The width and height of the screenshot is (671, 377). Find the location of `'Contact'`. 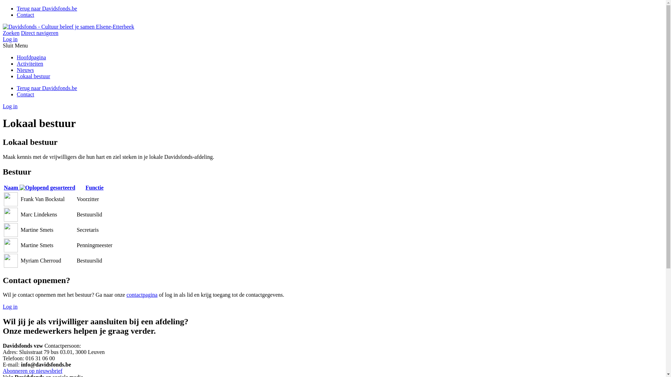

'Contact' is located at coordinates (25, 15).